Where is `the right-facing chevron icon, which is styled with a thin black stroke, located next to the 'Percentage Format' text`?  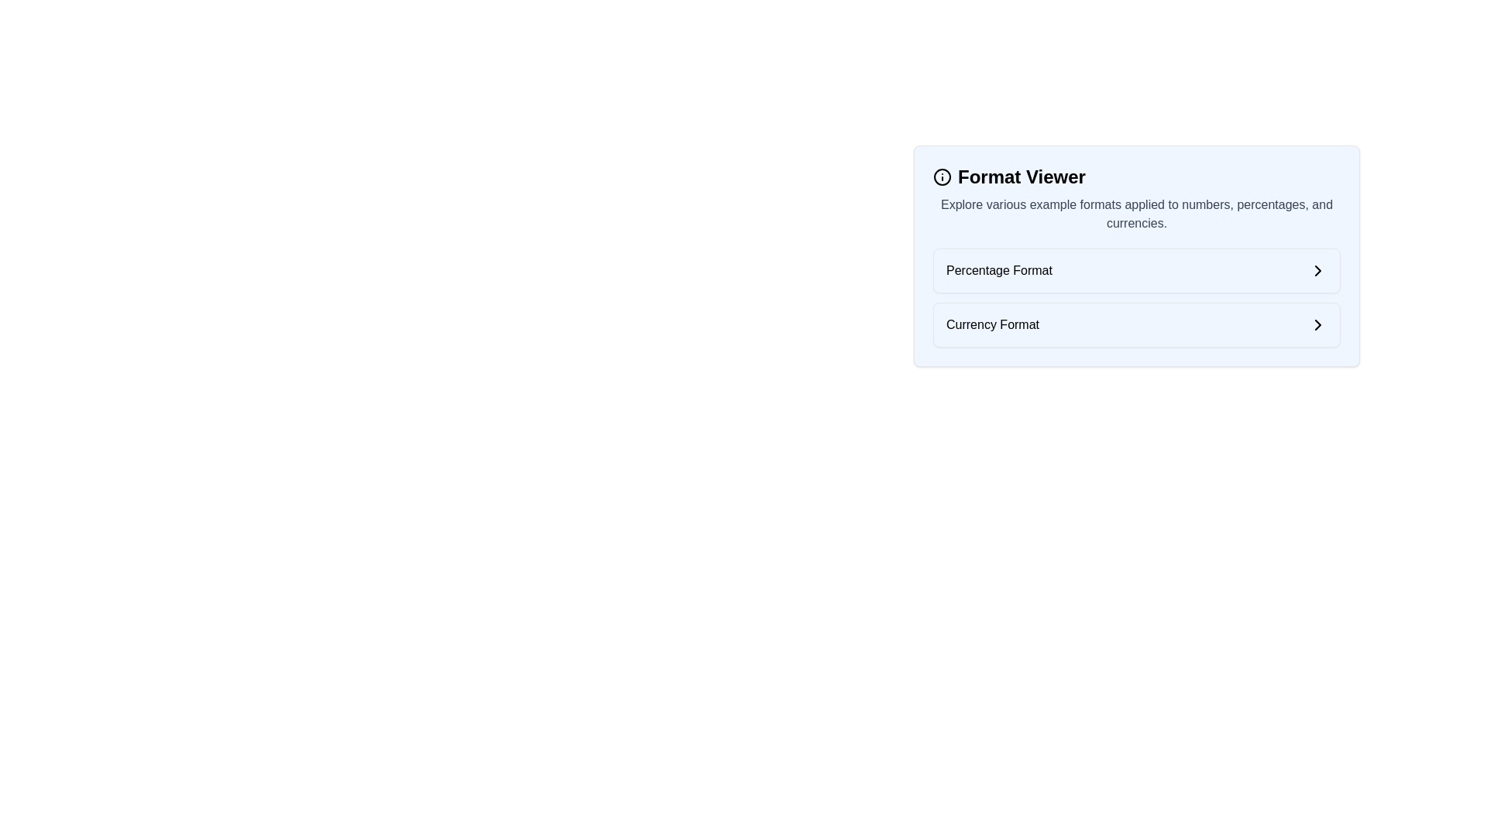
the right-facing chevron icon, which is styled with a thin black stroke, located next to the 'Percentage Format' text is located at coordinates (1317, 270).